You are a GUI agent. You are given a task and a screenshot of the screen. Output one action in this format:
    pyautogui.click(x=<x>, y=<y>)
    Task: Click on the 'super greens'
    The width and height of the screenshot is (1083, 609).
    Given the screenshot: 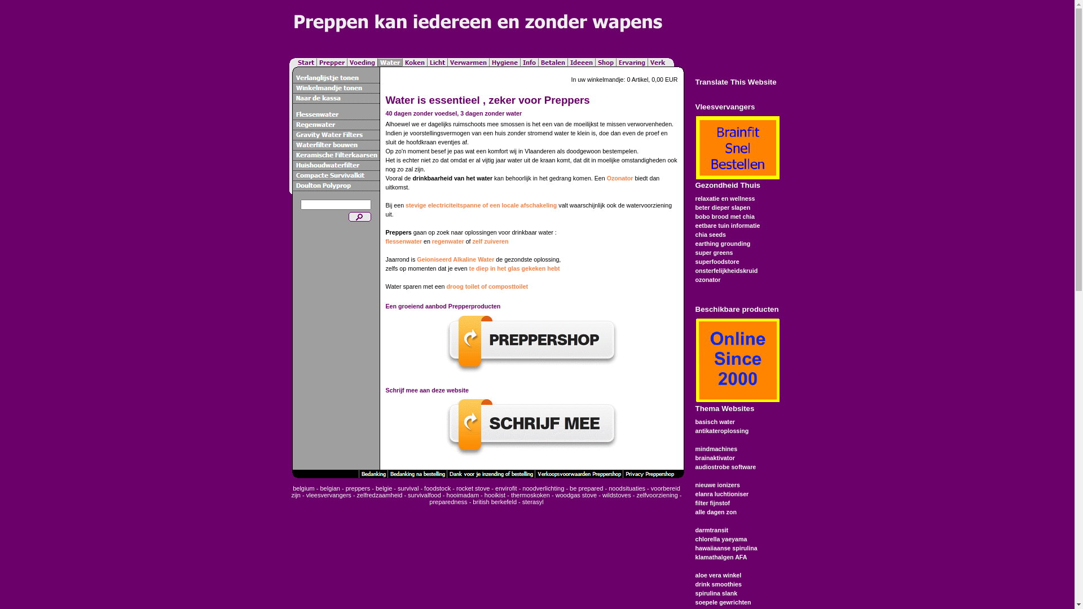 What is the action you would take?
    pyautogui.click(x=713, y=251)
    